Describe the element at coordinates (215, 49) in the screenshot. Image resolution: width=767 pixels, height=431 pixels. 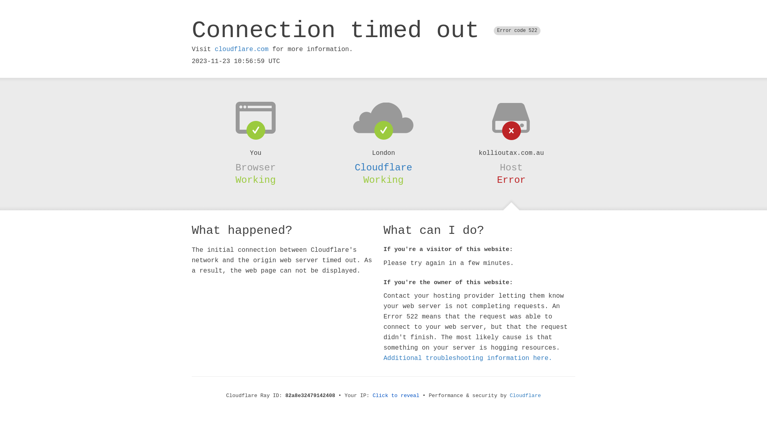
I see `'cloudflare.com'` at that location.